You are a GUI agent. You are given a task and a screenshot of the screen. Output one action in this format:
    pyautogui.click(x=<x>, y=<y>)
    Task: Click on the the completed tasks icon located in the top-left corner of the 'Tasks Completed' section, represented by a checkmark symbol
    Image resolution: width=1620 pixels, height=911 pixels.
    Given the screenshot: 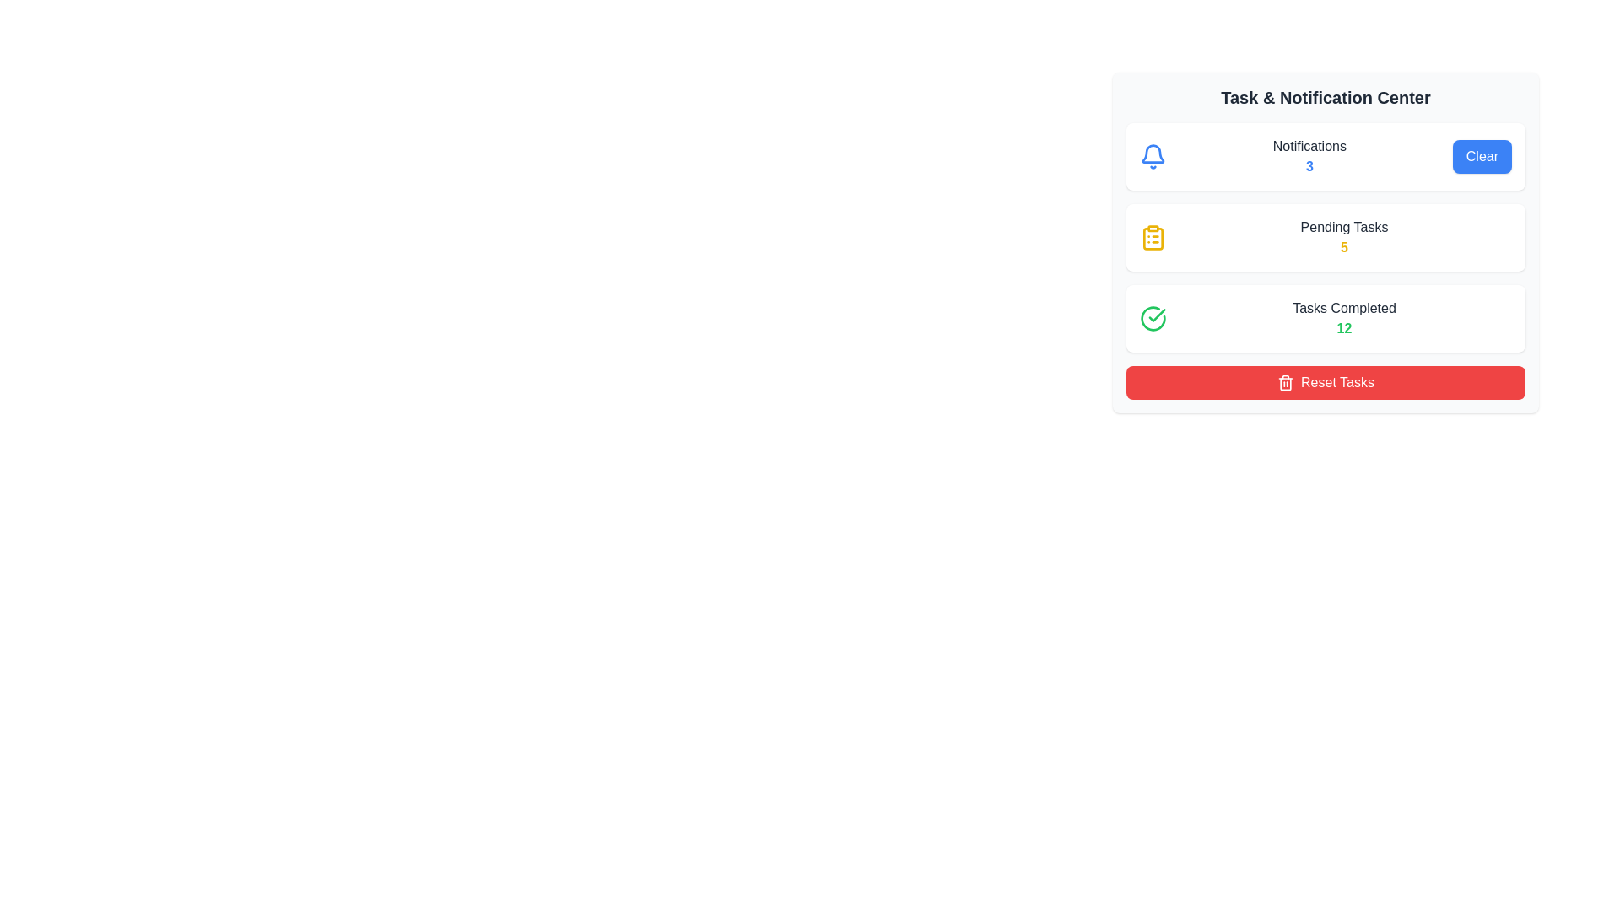 What is the action you would take?
    pyautogui.click(x=1153, y=319)
    